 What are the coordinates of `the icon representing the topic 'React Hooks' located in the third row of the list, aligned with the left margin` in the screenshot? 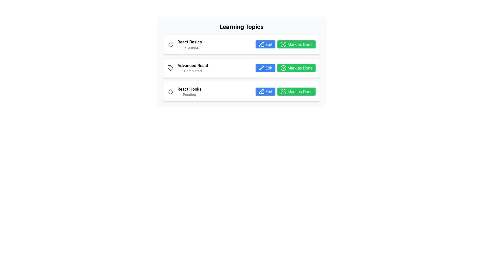 It's located at (170, 92).